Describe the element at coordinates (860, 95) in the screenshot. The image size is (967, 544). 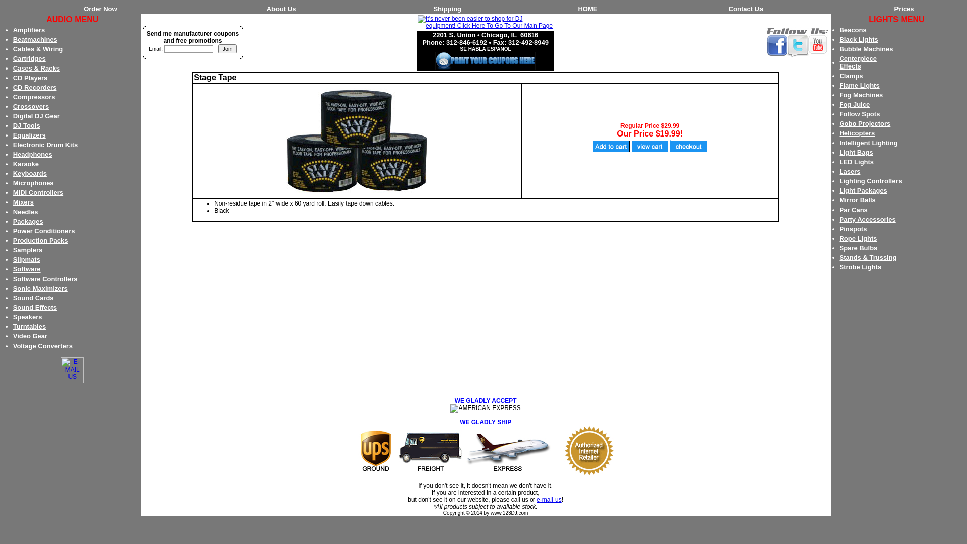
I see `'Fog Machines'` at that location.